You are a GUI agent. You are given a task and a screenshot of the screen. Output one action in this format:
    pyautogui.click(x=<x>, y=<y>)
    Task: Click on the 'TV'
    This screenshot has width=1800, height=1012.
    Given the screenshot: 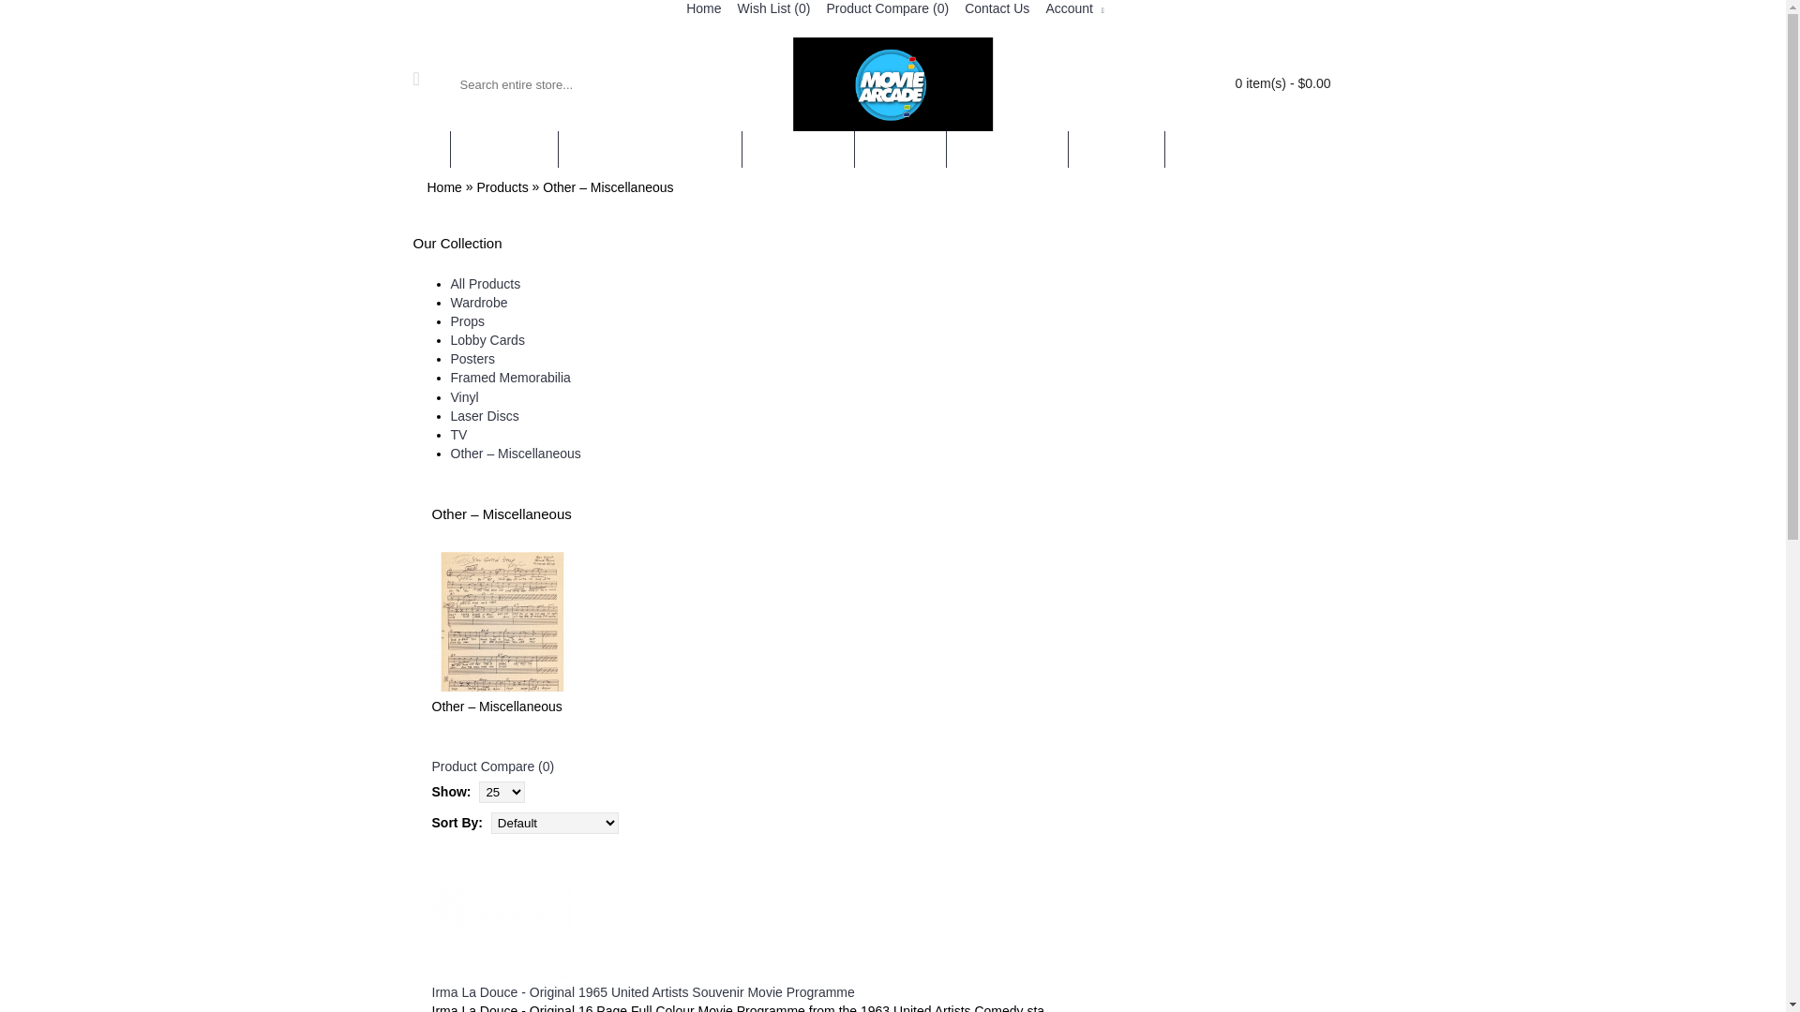 What is the action you would take?
    pyautogui.click(x=450, y=434)
    